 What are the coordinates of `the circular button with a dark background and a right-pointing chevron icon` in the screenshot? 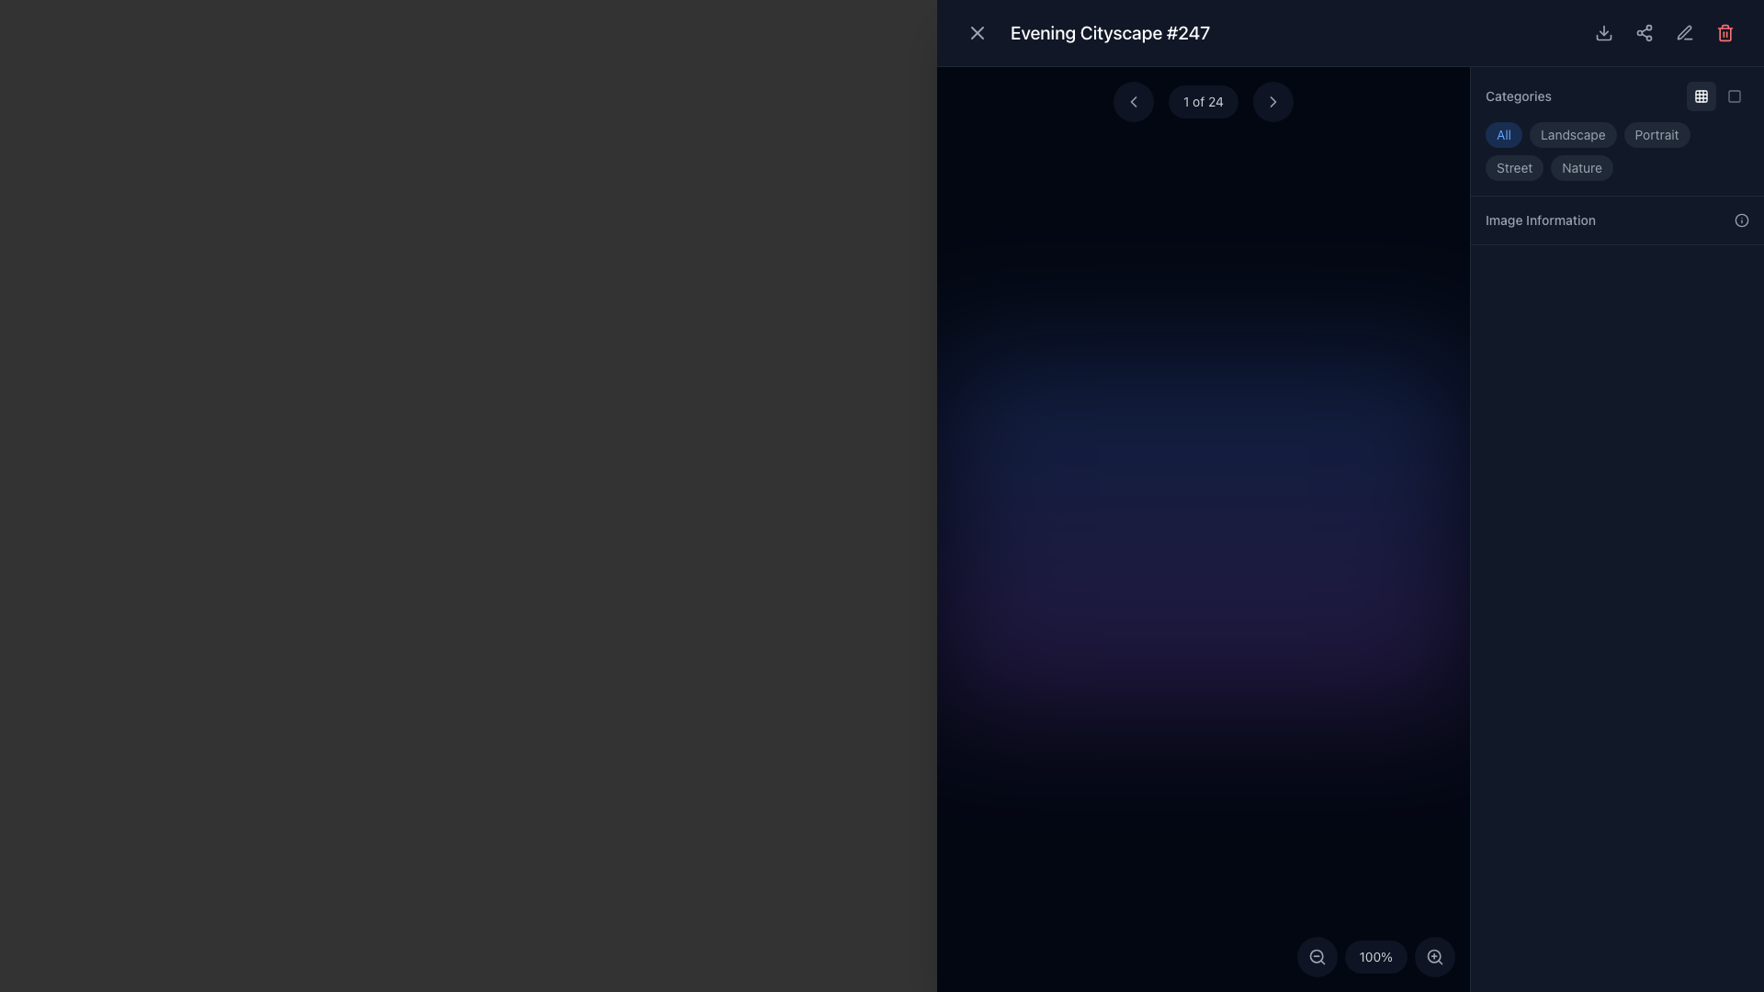 It's located at (1272, 102).